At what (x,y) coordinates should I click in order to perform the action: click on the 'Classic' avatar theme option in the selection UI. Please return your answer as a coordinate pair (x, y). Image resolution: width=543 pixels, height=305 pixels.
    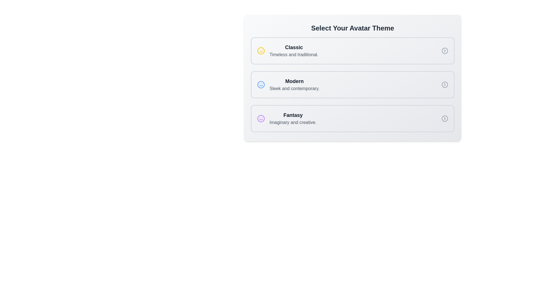
    Looking at the image, I should click on (352, 51).